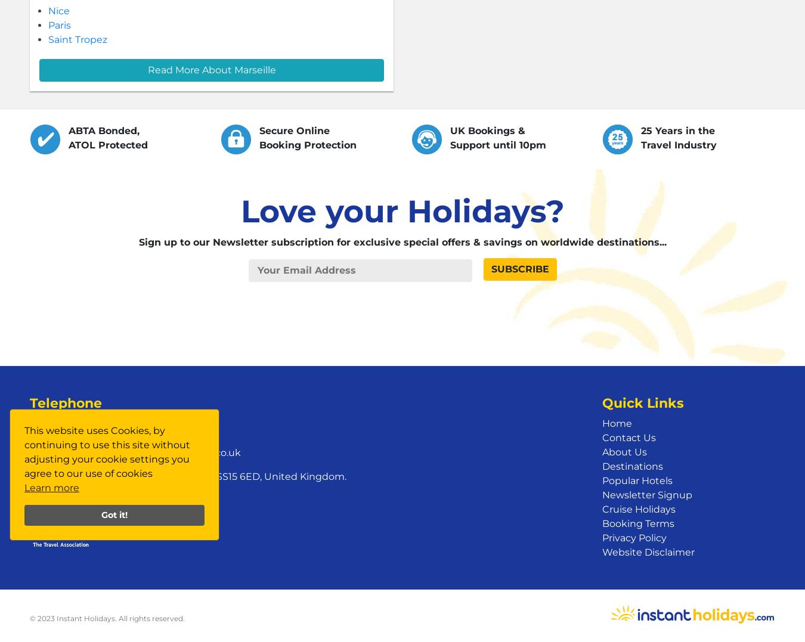 The image size is (805, 642). What do you see at coordinates (65, 402) in the screenshot?
I see `'Telephone'` at bounding box center [65, 402].